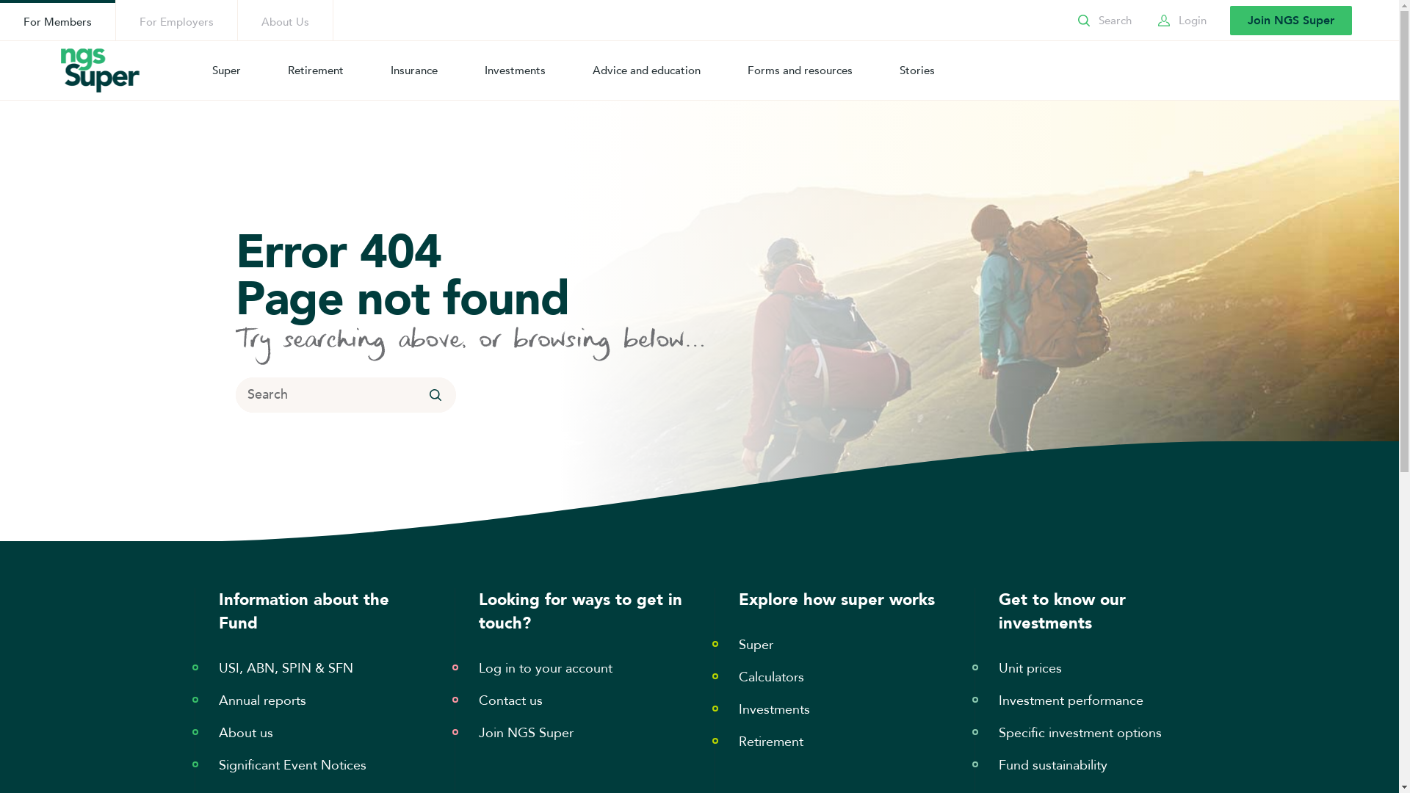 This screenshot has width=1410, height=793. What do you see at coordinates (1154, 20) in the screenshot?
I see `'Login'` at bounding box center [1154, 20].